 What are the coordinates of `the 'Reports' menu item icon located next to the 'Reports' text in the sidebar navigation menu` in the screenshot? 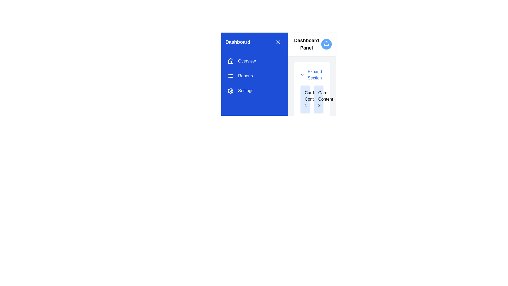 It's located at (231, 76).